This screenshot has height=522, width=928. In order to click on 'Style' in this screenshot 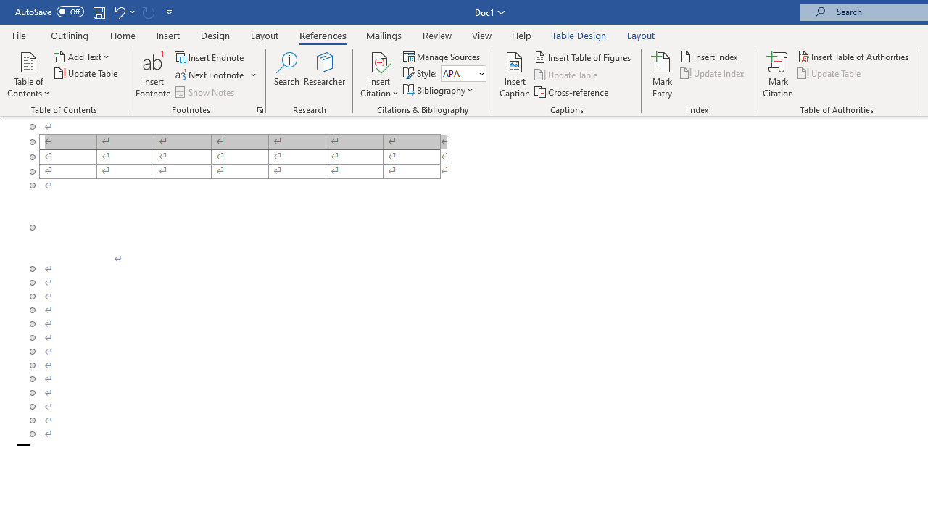, I will do `click(463, 73)`.